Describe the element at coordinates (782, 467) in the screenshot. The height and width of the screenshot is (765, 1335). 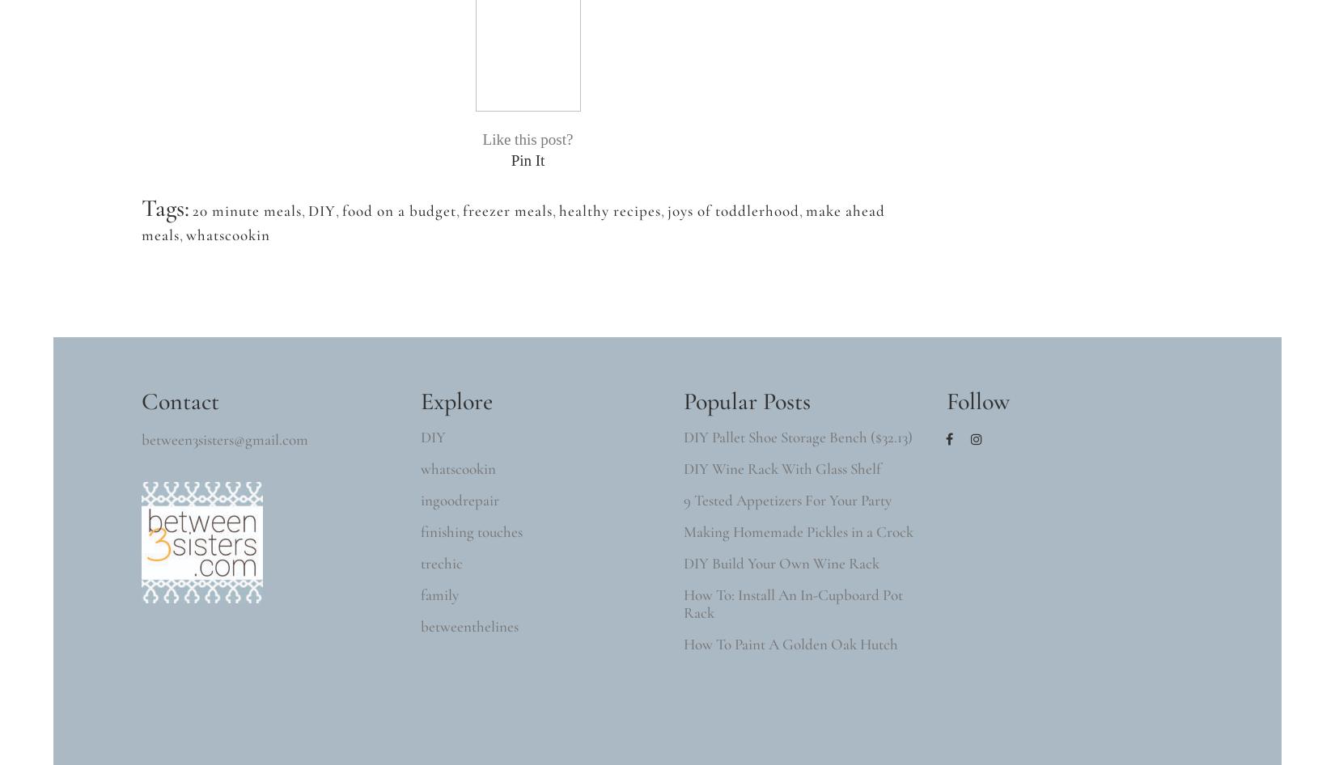
I see `'DIY Wine Rack With Glass Shelf'` at that location.